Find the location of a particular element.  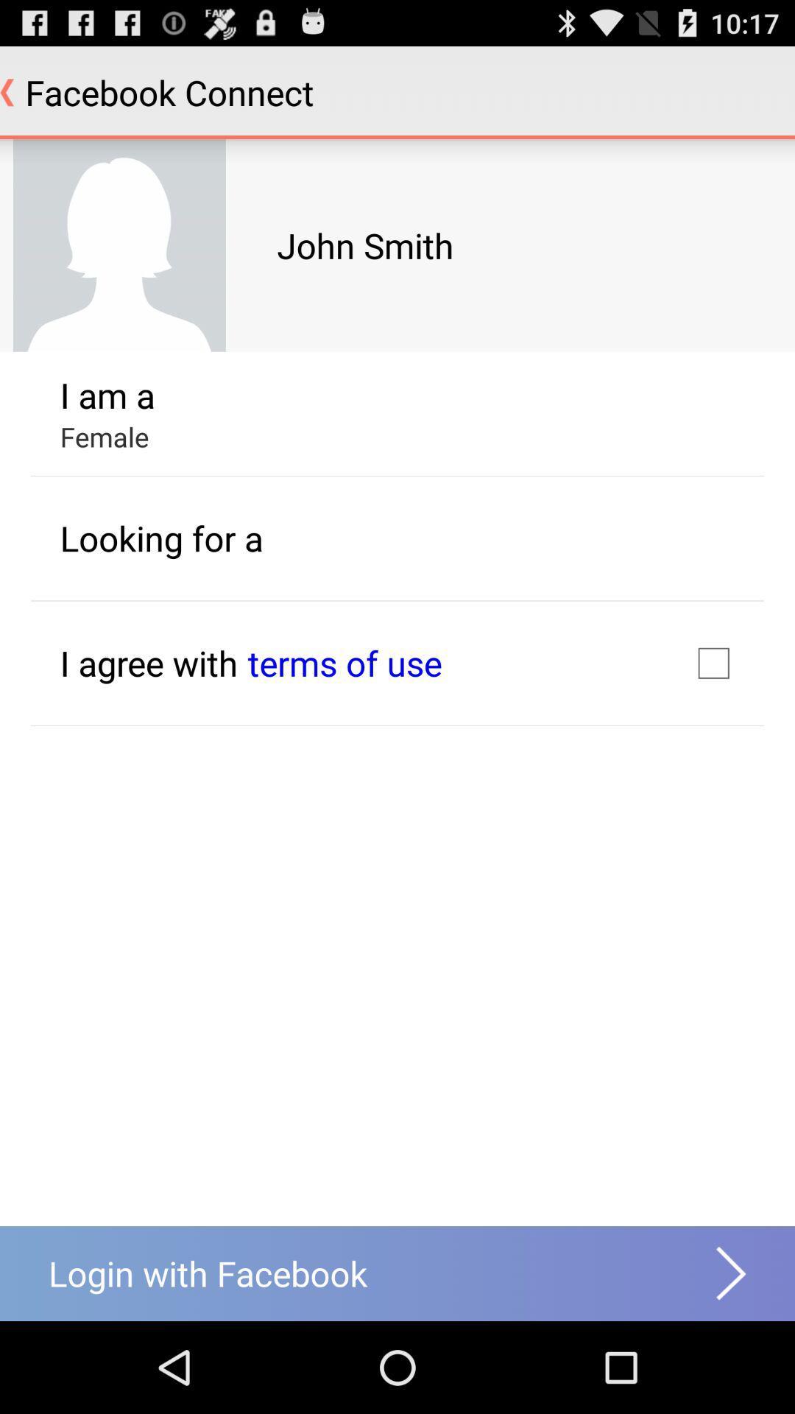

the icon below the looking for a app is located at coordinates (149, 662).